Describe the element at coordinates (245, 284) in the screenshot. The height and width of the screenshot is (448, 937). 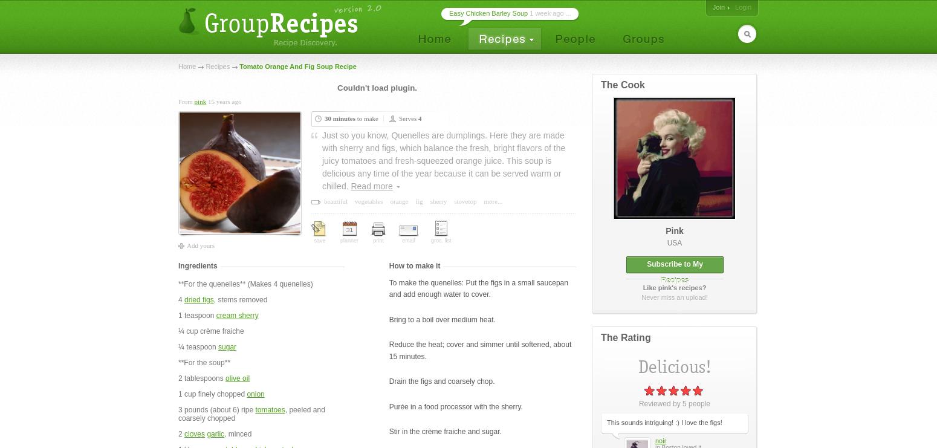
I see `'**For the quenelles** (Makes 4 quenelles)'` at that location.